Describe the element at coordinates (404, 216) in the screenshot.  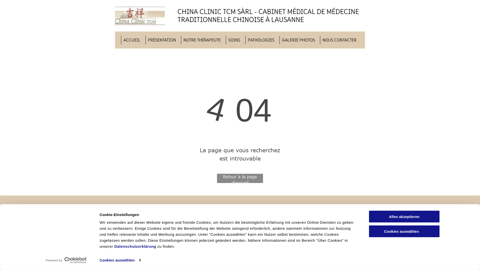
I see `'Alles akzeptieren'` at that location.